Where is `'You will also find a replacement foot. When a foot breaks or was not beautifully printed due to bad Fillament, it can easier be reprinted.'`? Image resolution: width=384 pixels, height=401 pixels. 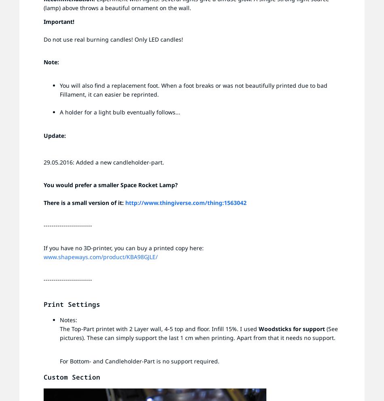
'You will also find a replacement foot. When a foot breaks or was not beautifully printed due to bad Fillament, it can easier be reprinted.' is located at coordinates (193, 90).